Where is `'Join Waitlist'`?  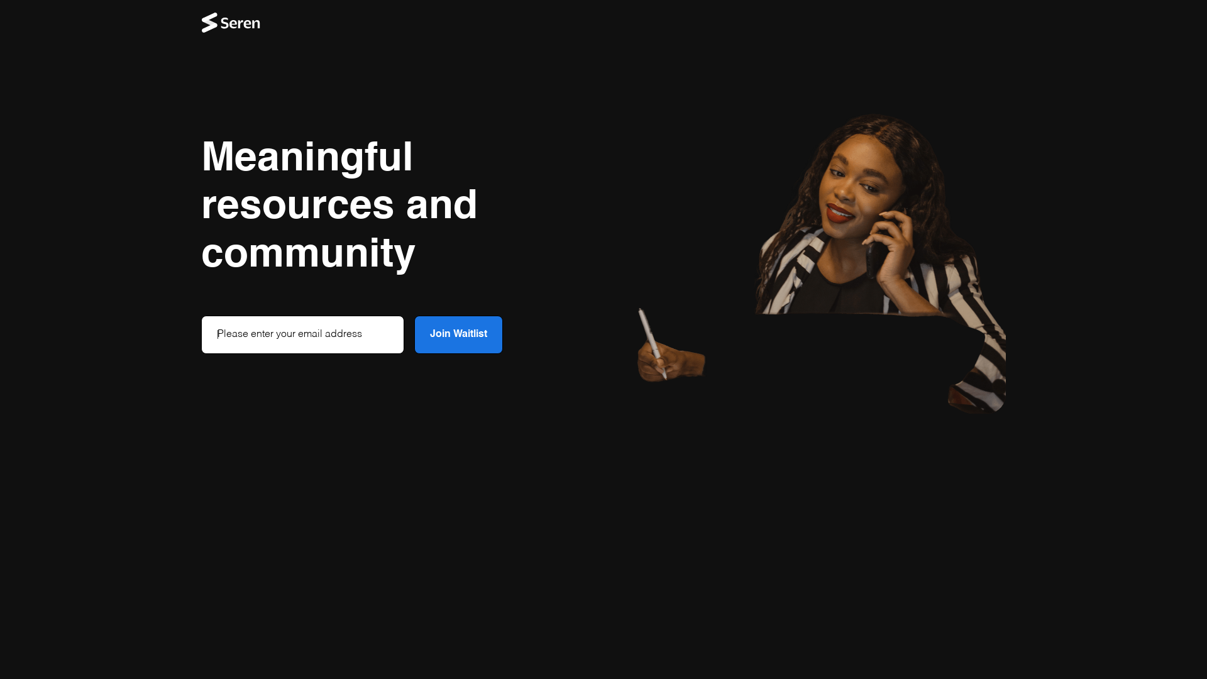 'Join Waitlist' is located at coordinates (414, 334).